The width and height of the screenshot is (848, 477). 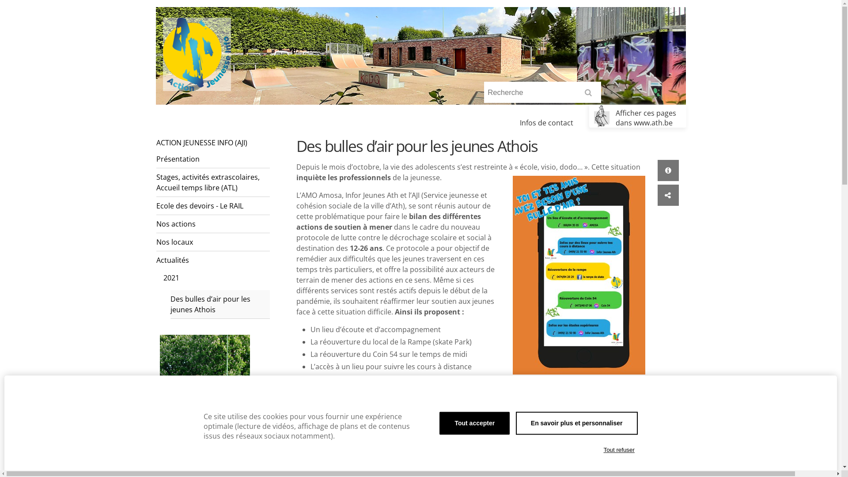 I want to click on 'Rechercher', so click(x=590, y=95).